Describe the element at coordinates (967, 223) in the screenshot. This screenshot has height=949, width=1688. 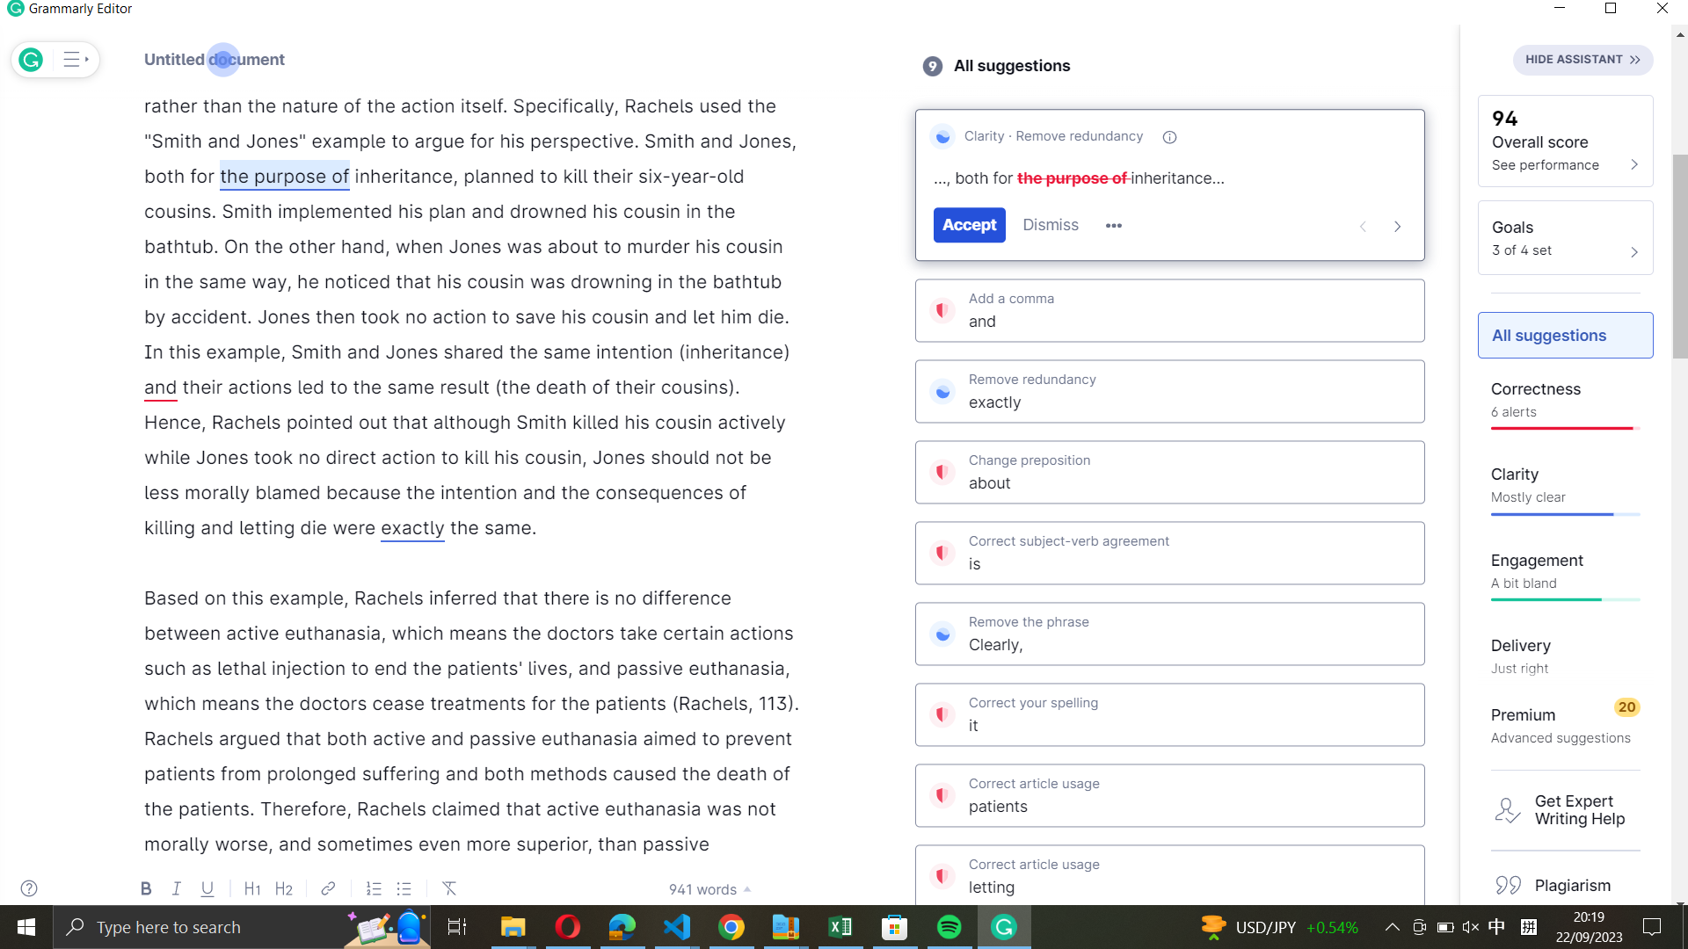
I see `Grammarly"s clarity suggestion for "the purpose of` at that location.